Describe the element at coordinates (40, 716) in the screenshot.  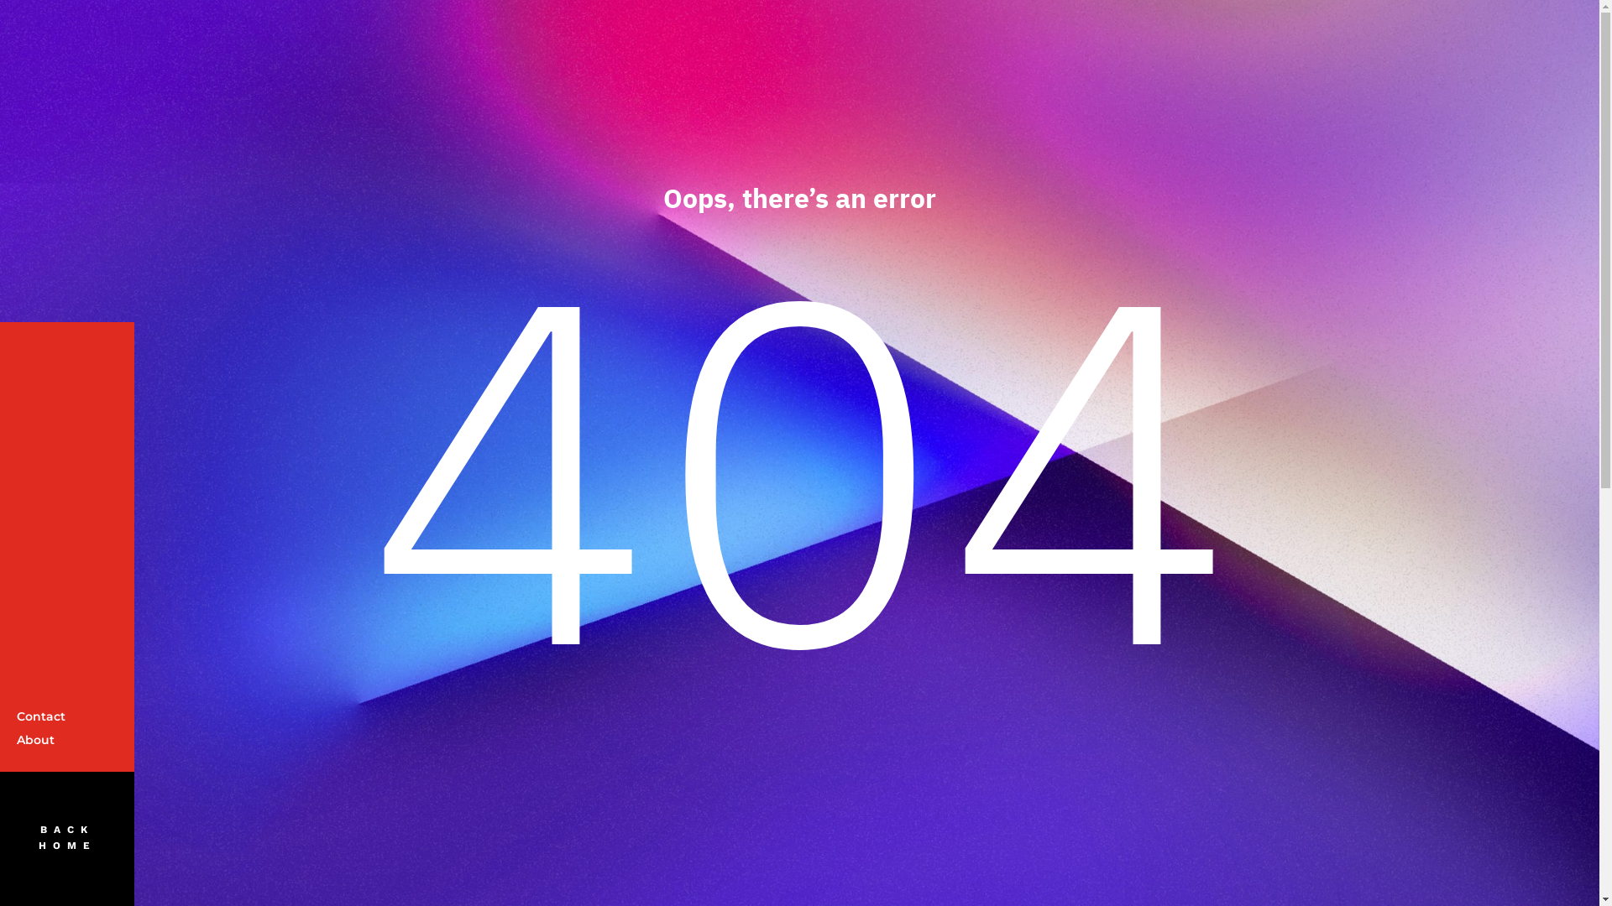
I see `'Contact'` at that location.